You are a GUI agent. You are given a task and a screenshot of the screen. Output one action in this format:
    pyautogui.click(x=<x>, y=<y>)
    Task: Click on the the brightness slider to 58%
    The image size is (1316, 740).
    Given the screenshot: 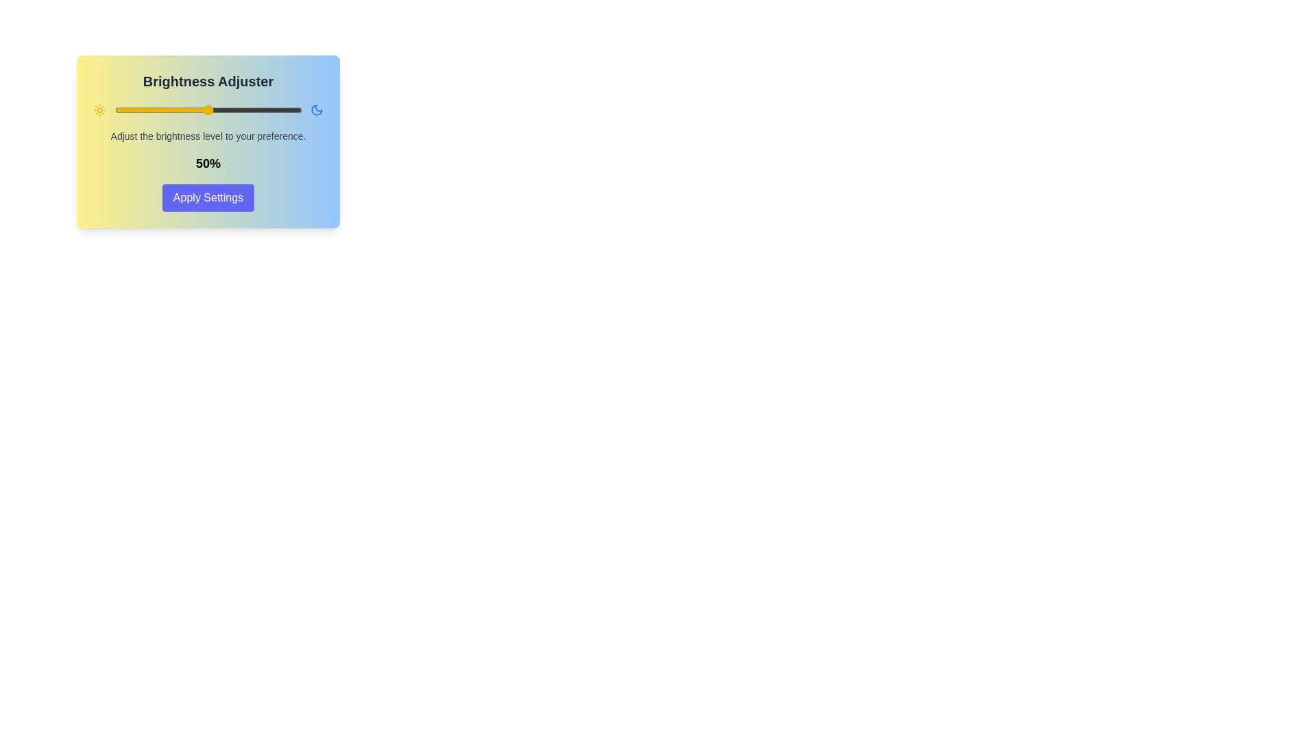 What is the action you would take?
    pyautogui.click(x=223, y=110)
    